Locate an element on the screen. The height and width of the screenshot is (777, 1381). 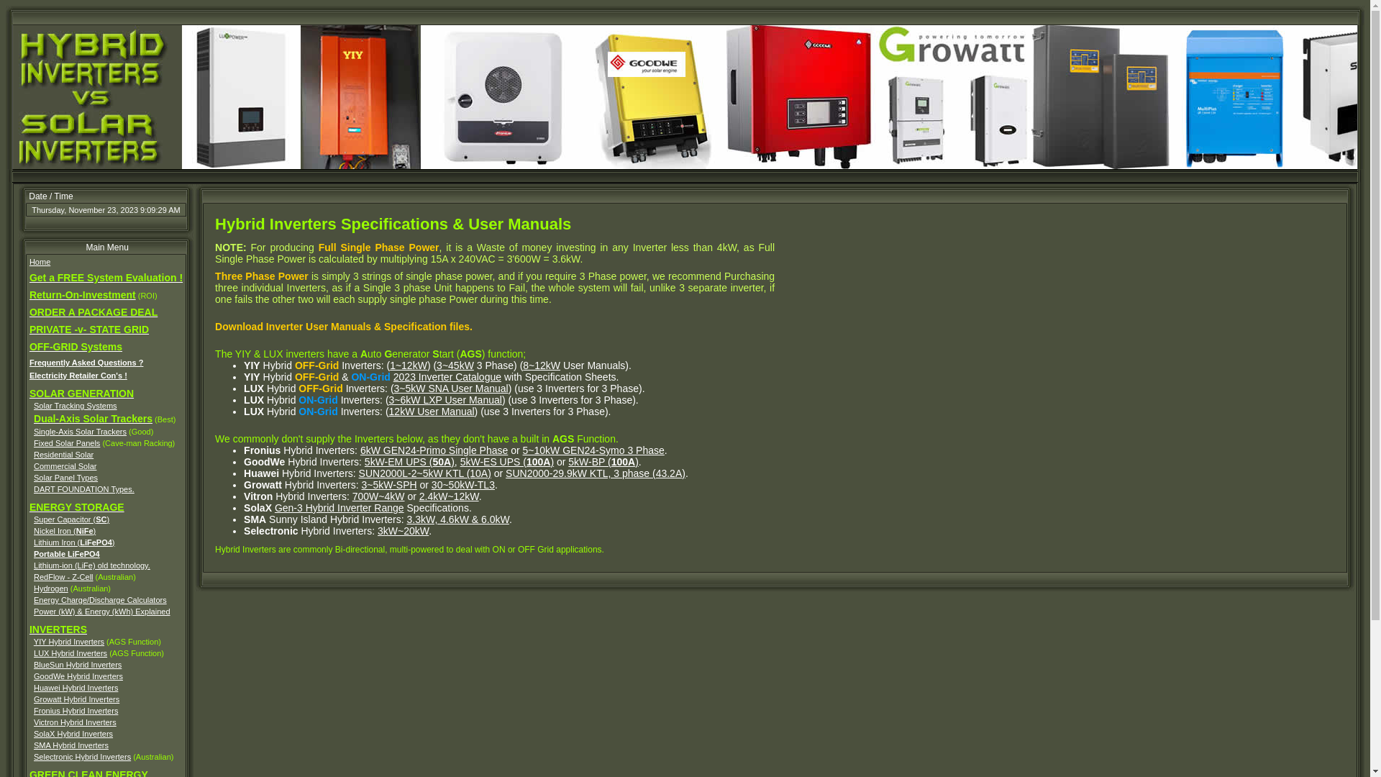
'Super Capacitor (SC)' is located at coordinates (70, 519).